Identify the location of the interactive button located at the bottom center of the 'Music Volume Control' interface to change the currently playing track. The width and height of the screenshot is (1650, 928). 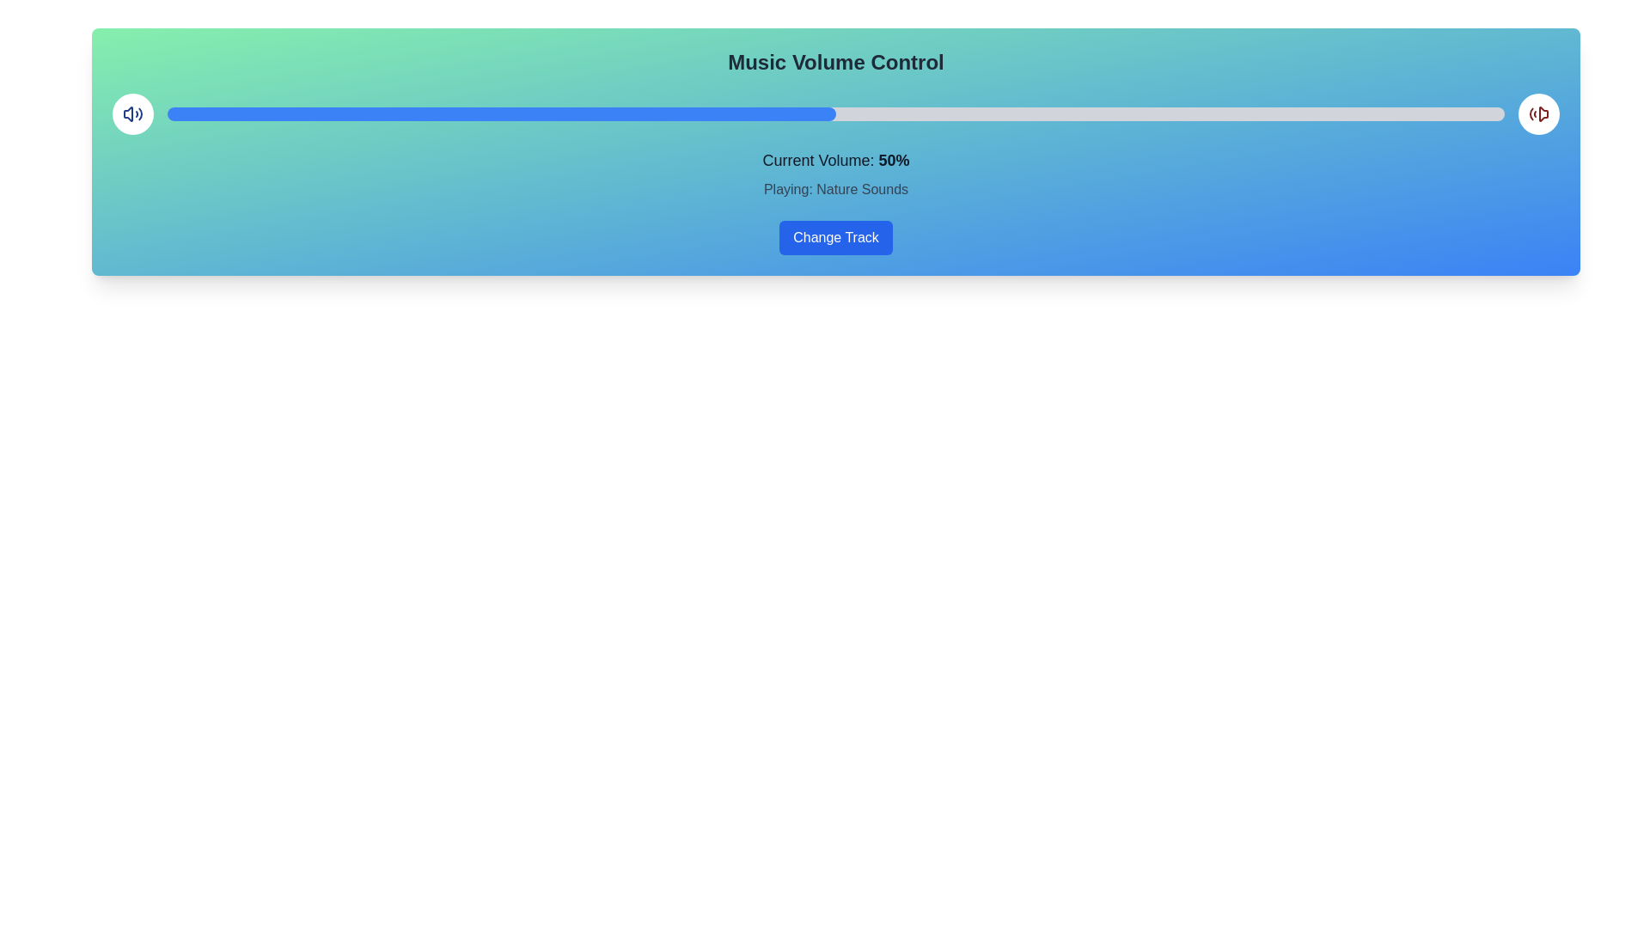
(836, 238).